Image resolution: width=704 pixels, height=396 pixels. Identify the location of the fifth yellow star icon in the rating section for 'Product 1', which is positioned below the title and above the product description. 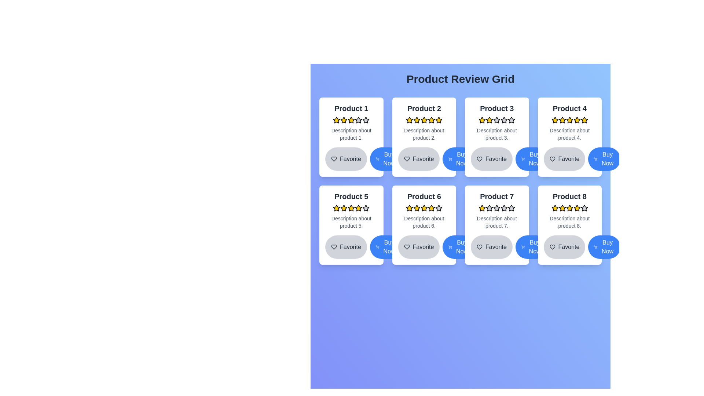
(351, 120).